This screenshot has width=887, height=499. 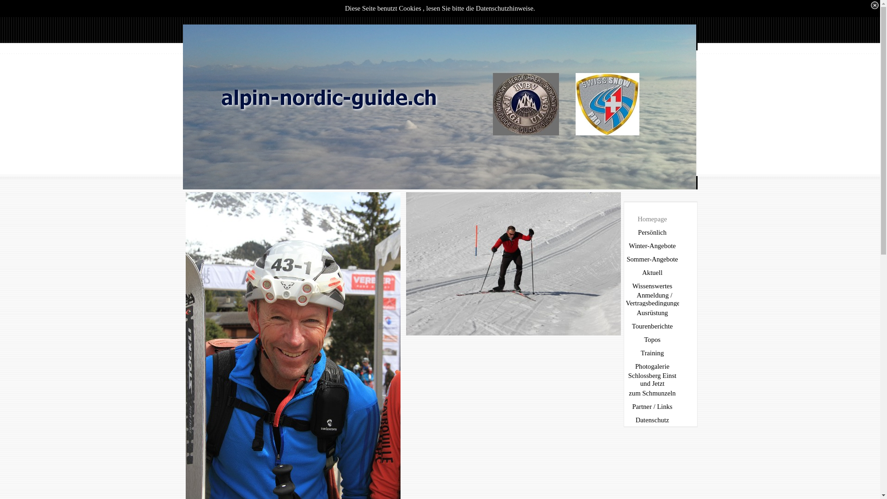 I want to click on 'Homepage', so click(x=653, y=219).